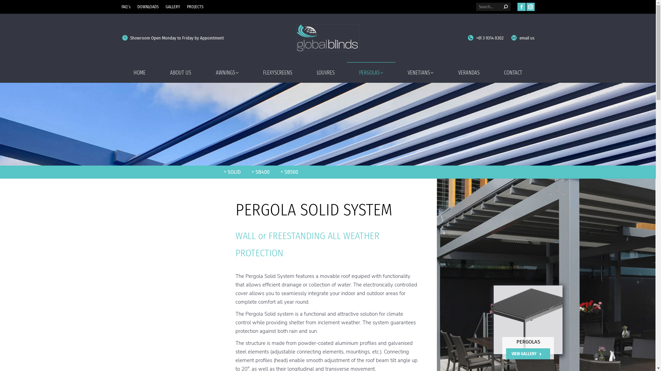 This screenshot has width=661, height=371. I want to click on 'PERGOLAS', so click(371, 72).